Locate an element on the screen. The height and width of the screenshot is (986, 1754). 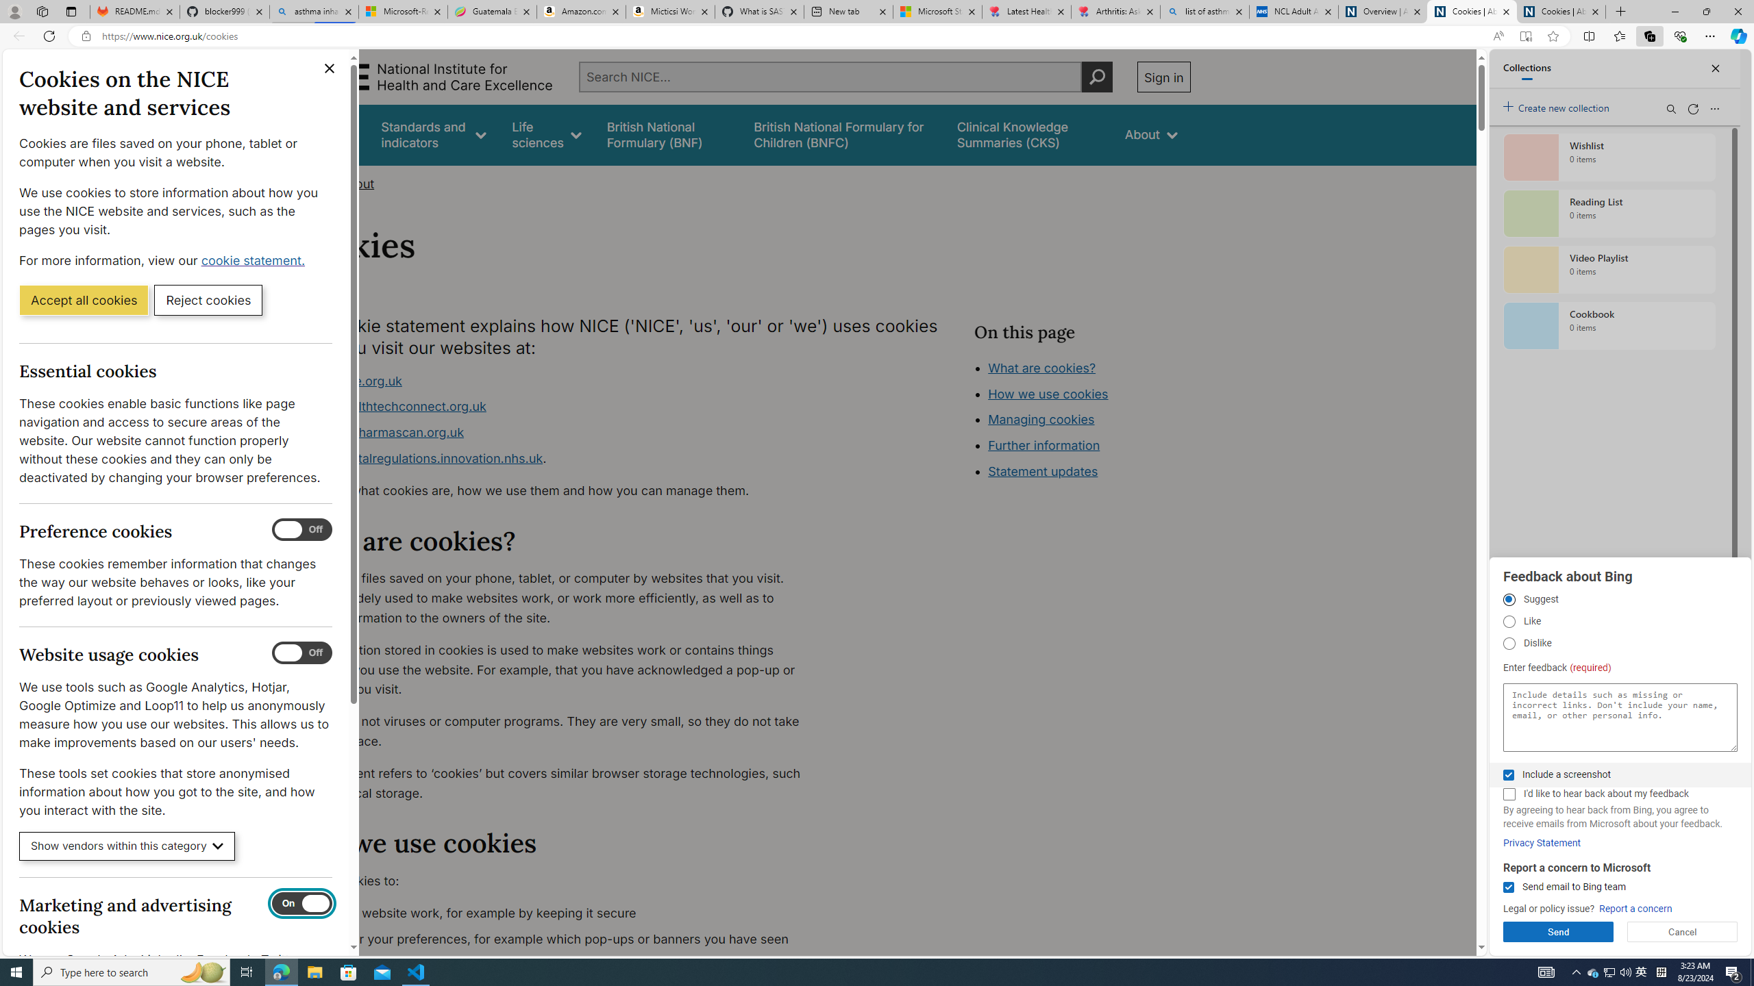
'Statement updates' is located at coordinates (1041, 472).